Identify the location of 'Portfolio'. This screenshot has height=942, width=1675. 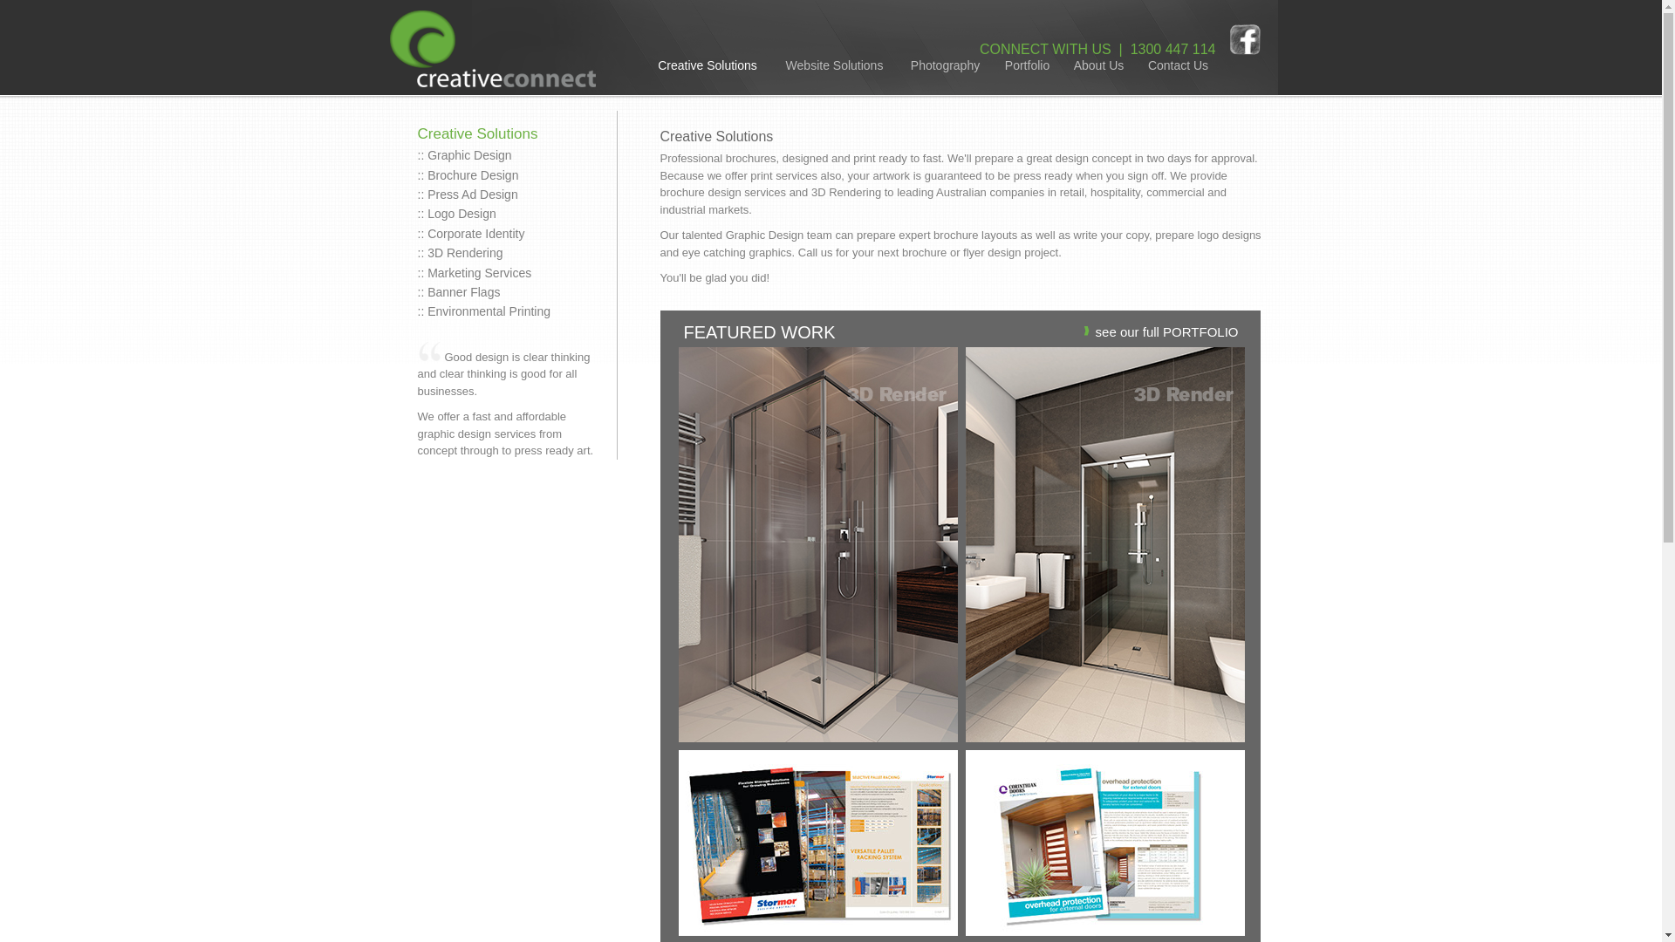
(1028, 65).